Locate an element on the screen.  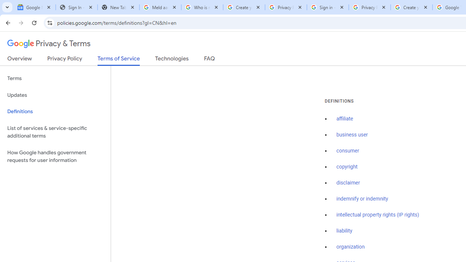
'New Tab' is located at coordinates (118, 7).